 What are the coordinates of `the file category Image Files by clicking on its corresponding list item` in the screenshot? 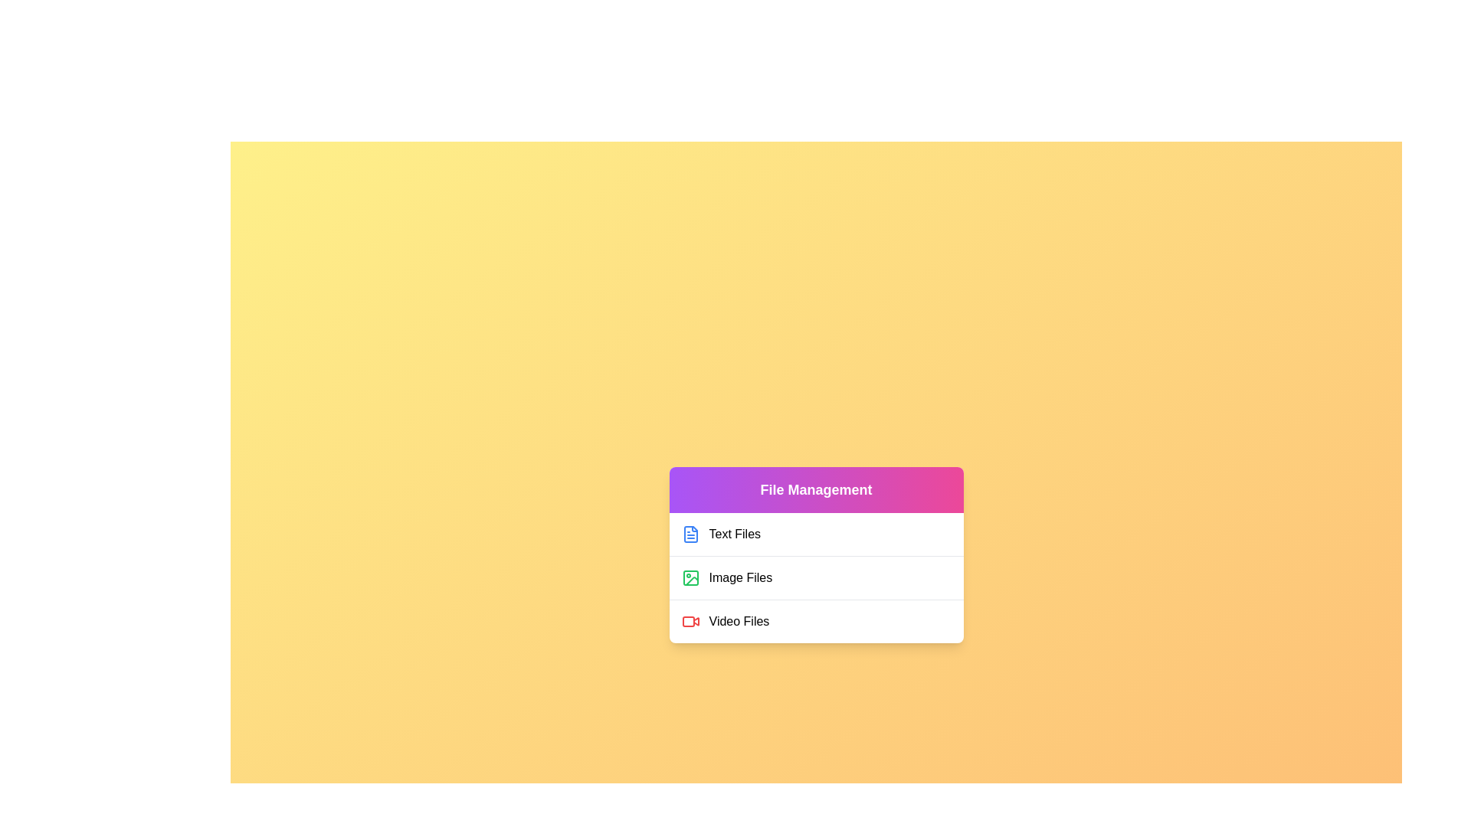 It's located at (815, 577).